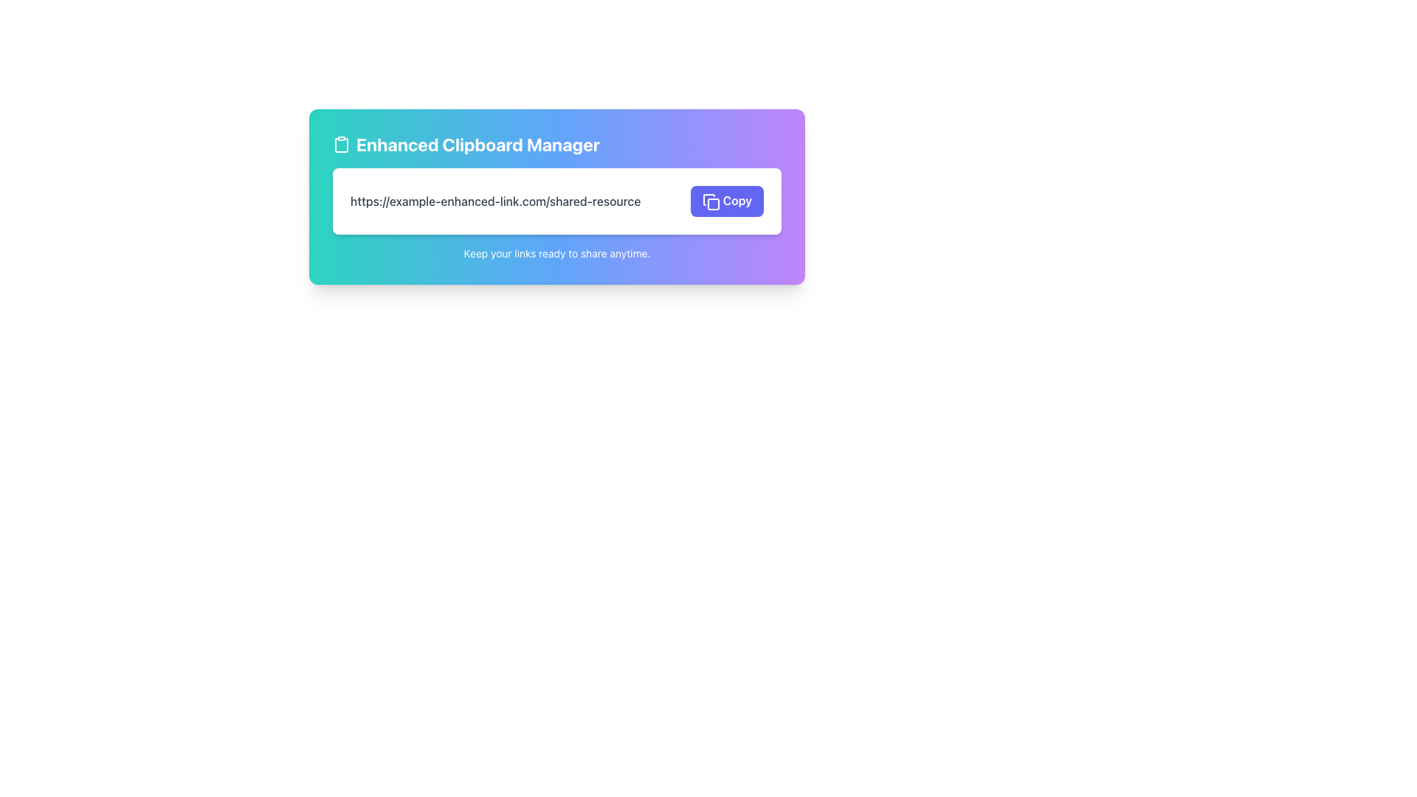 The image size is (1417, 797). I want to click on the clipboard icon located in the header section next to the text 'Enhanced Clipboard Manager', so click(340, 145).